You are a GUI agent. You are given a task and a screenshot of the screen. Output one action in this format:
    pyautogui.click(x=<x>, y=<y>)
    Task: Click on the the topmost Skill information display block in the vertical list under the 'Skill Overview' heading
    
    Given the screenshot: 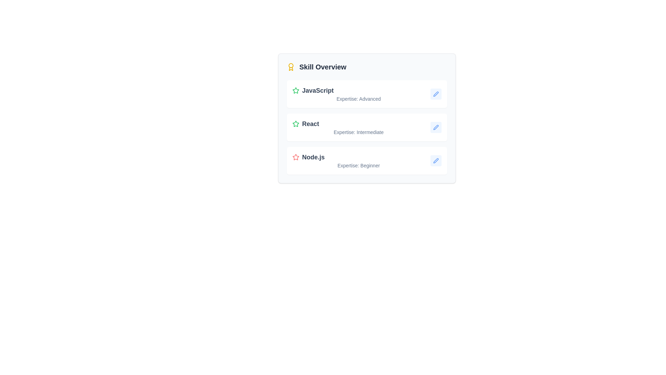 What is the action you would take?
    pyautogui.click(x=358, y=94)
    